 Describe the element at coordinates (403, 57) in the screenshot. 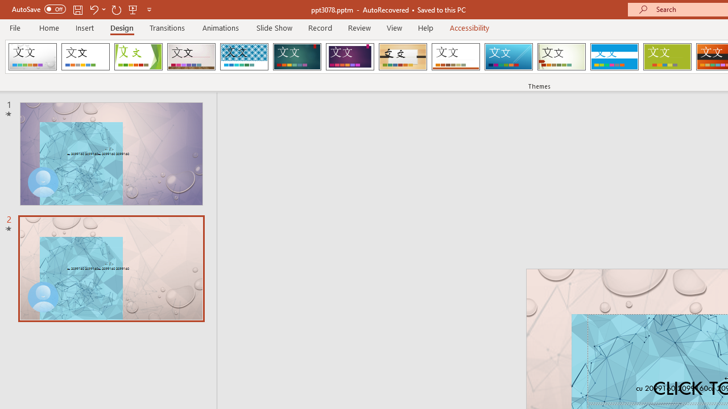

I see `'Organic'` at that location.